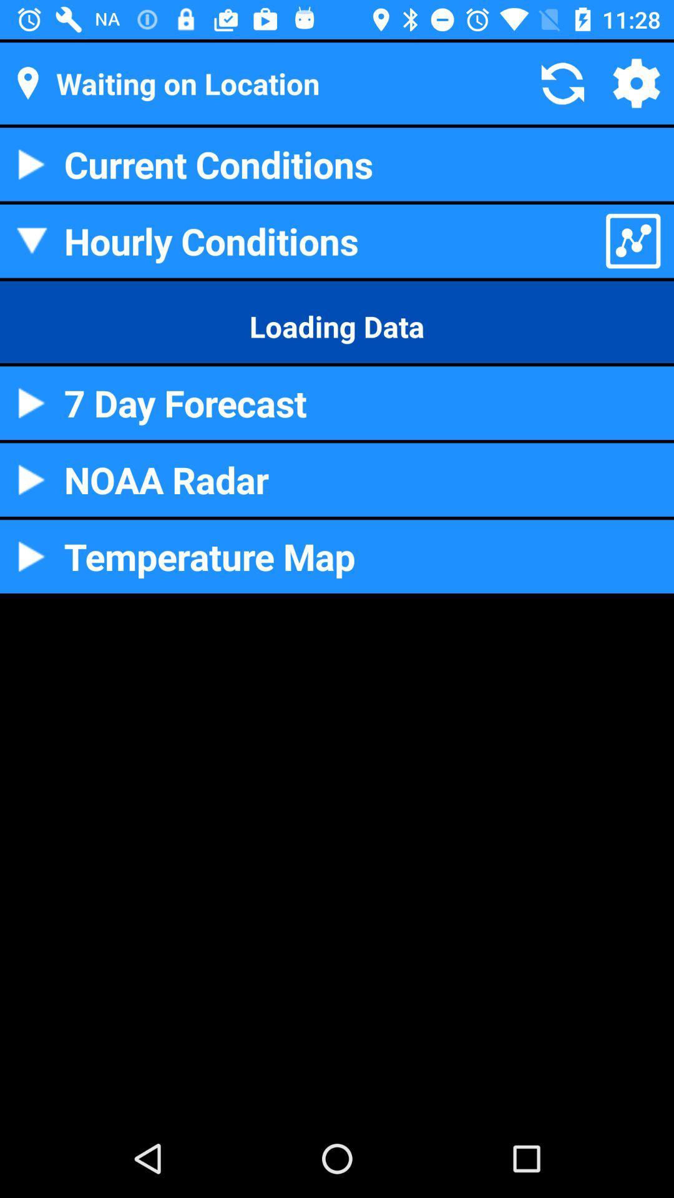  What do you see at coordinates (563, 83) in the screenshot?
I see `the refresh symbol which is next to waiting on location` at bounding box center [563, 83].